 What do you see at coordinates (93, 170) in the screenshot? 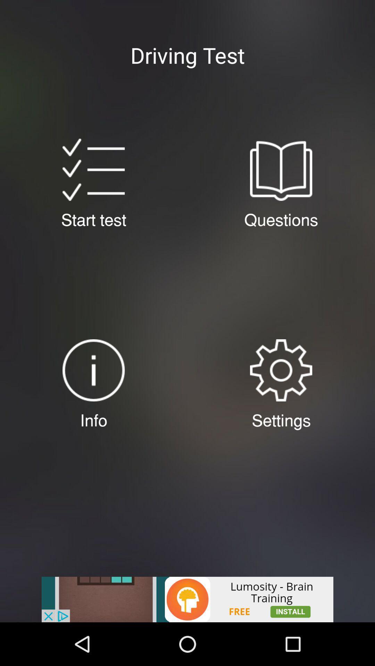
I see `start test screen` at bounding box center [93, 170].